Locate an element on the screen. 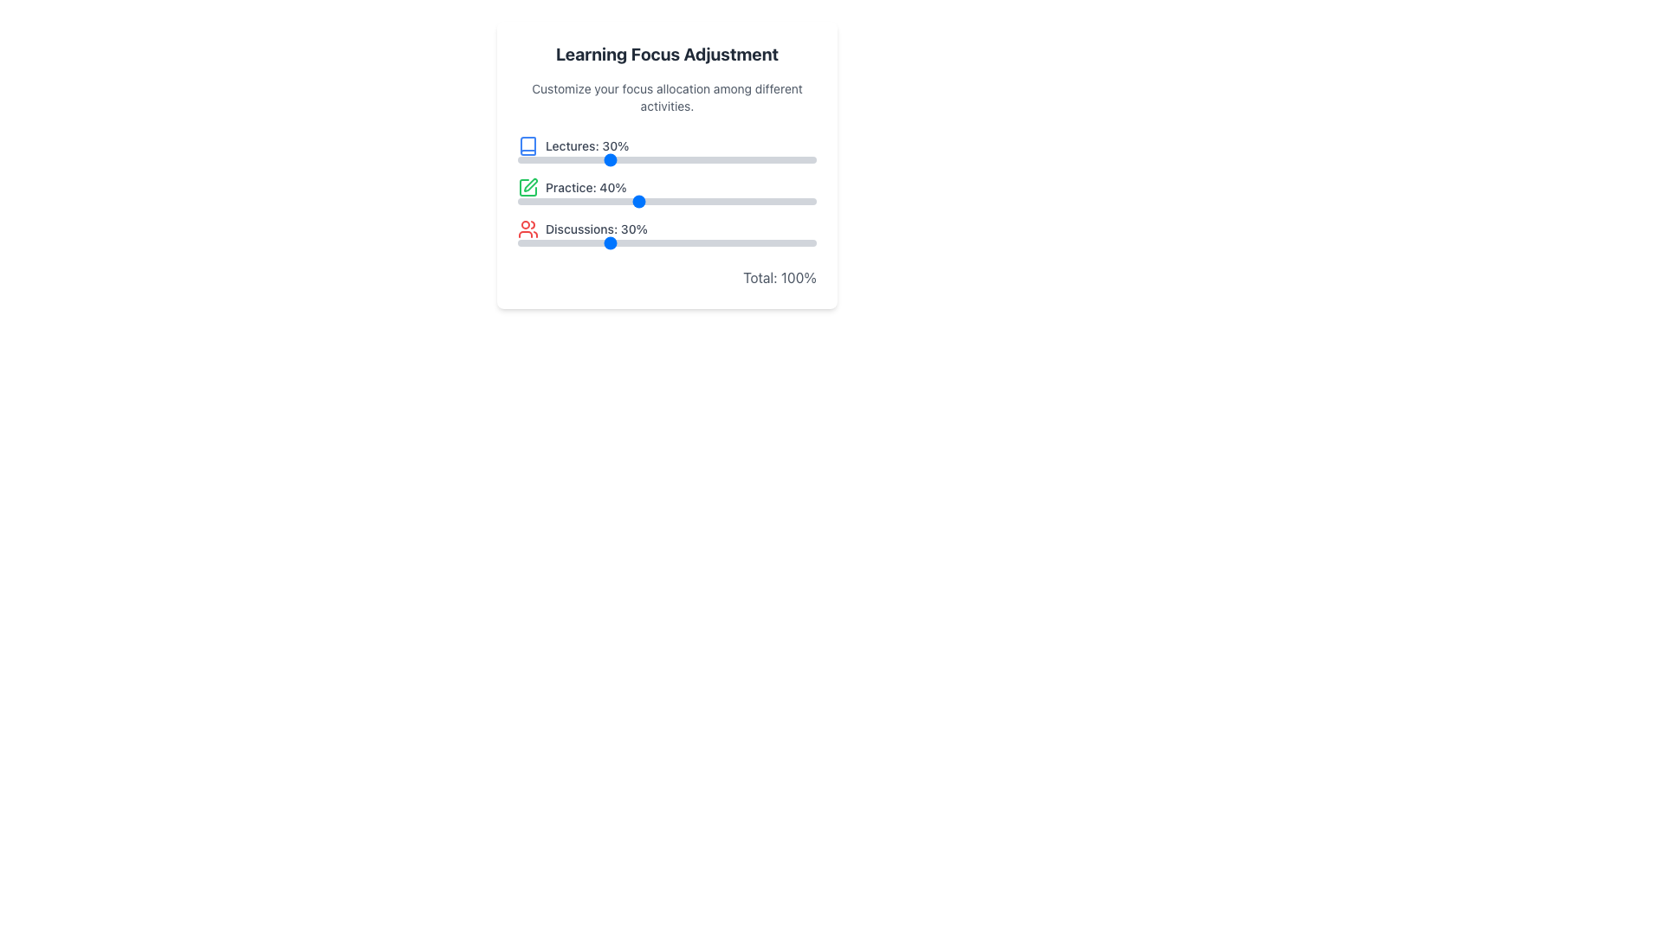 Image resolution: width=1663 pixels, height=935 pixels. the slider is located at coordinates (562, 243).